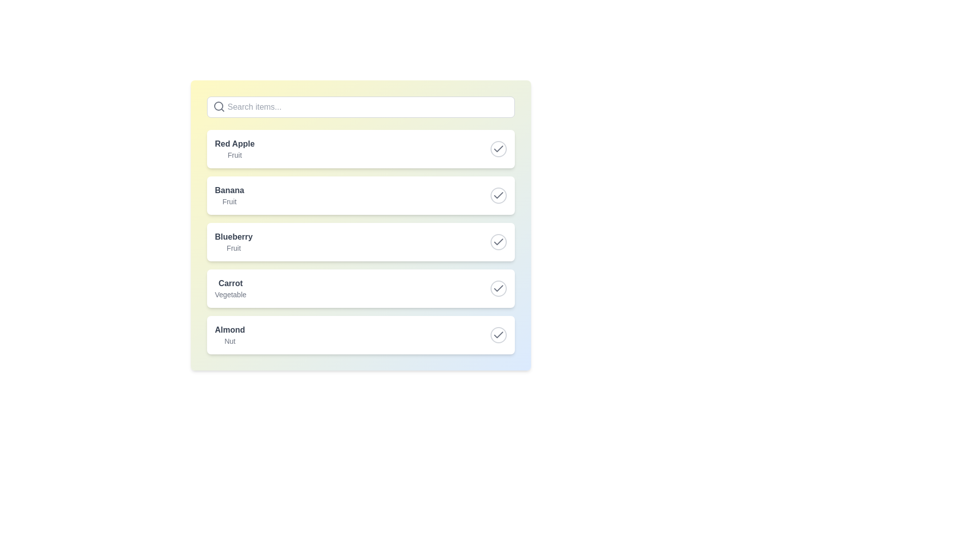 This screenshot has height=546, width=972. I want to click on the 'Almond' selectable list item, which is the fifth item in the list and categorized as 'Nut', so click(360, 335).